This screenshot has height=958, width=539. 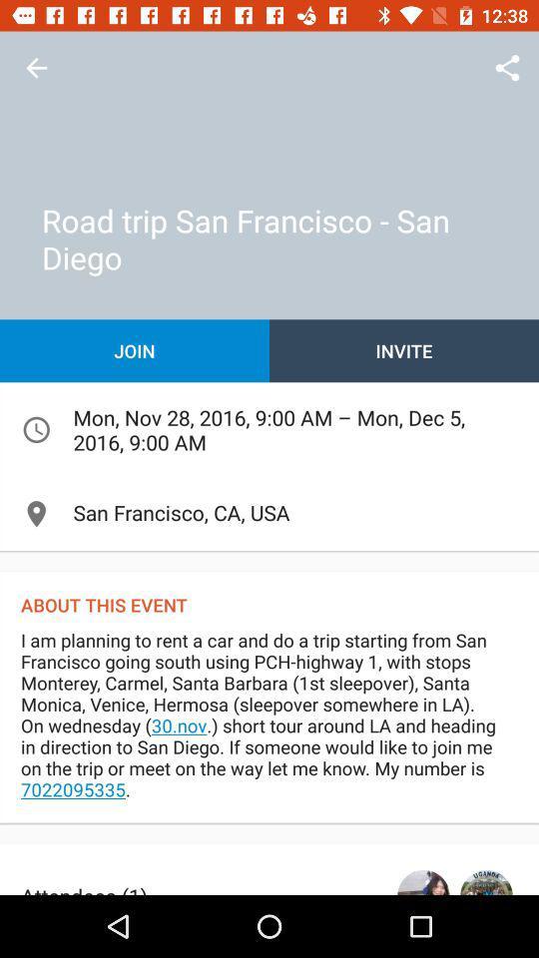 I want to click on invite icon, so click(x=404, y=350).